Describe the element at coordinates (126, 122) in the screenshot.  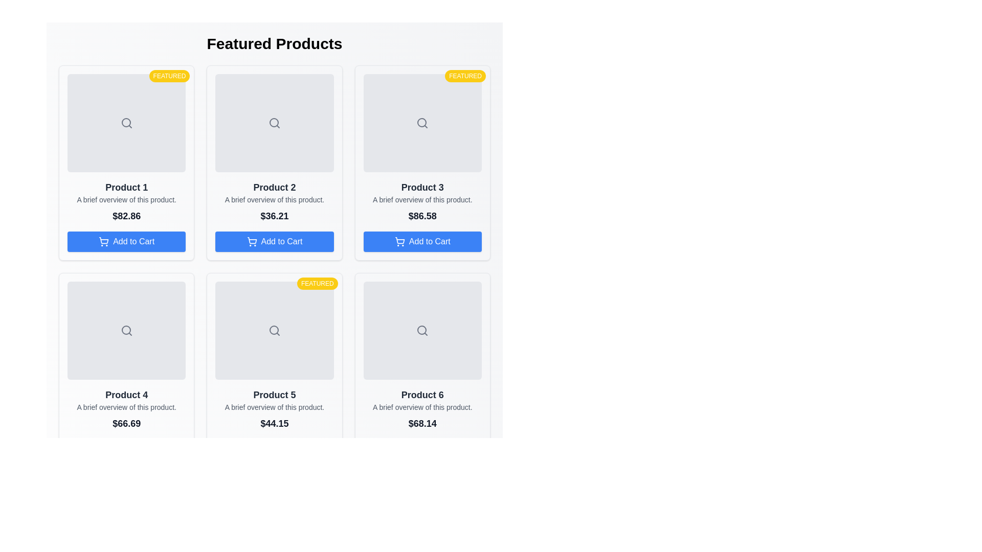
I see `the image placeholder element located at the top-left of the grid layout under the title 'Featured Products', featuring a magnifying glass icon in its center` at that location.